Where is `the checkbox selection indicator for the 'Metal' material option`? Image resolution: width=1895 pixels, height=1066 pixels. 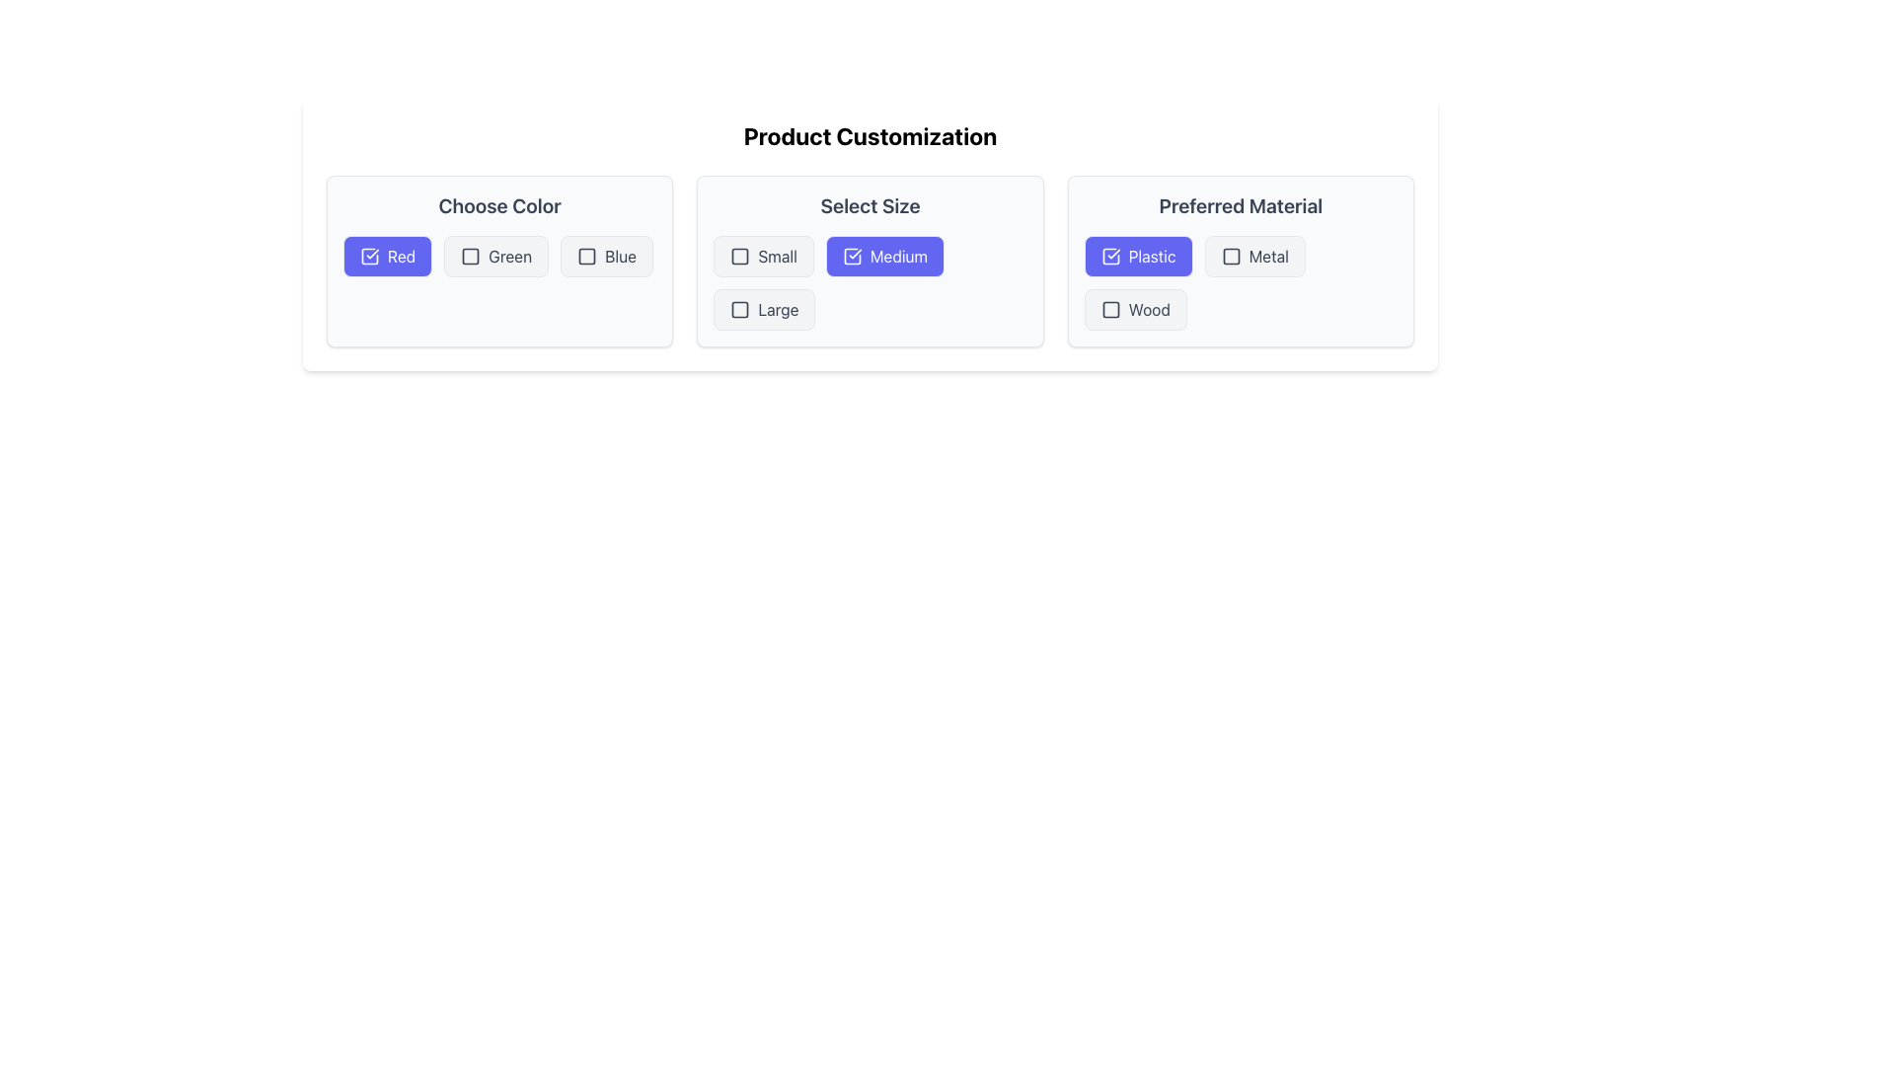 the checkbox selection indicator for the 'Metal' material option is located at coordinates (1230, 255).